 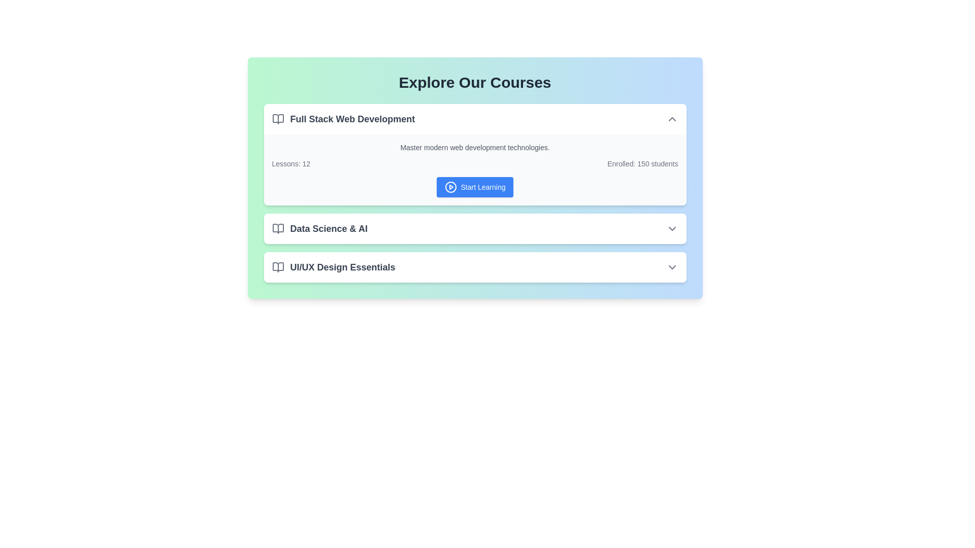 What do you see at coordinates (278, 119) in the screenshot?
I see `the icon that visually represents the 'Full Stack Web Development' course, located to the left of the course title` at bounding box center [278, 119].